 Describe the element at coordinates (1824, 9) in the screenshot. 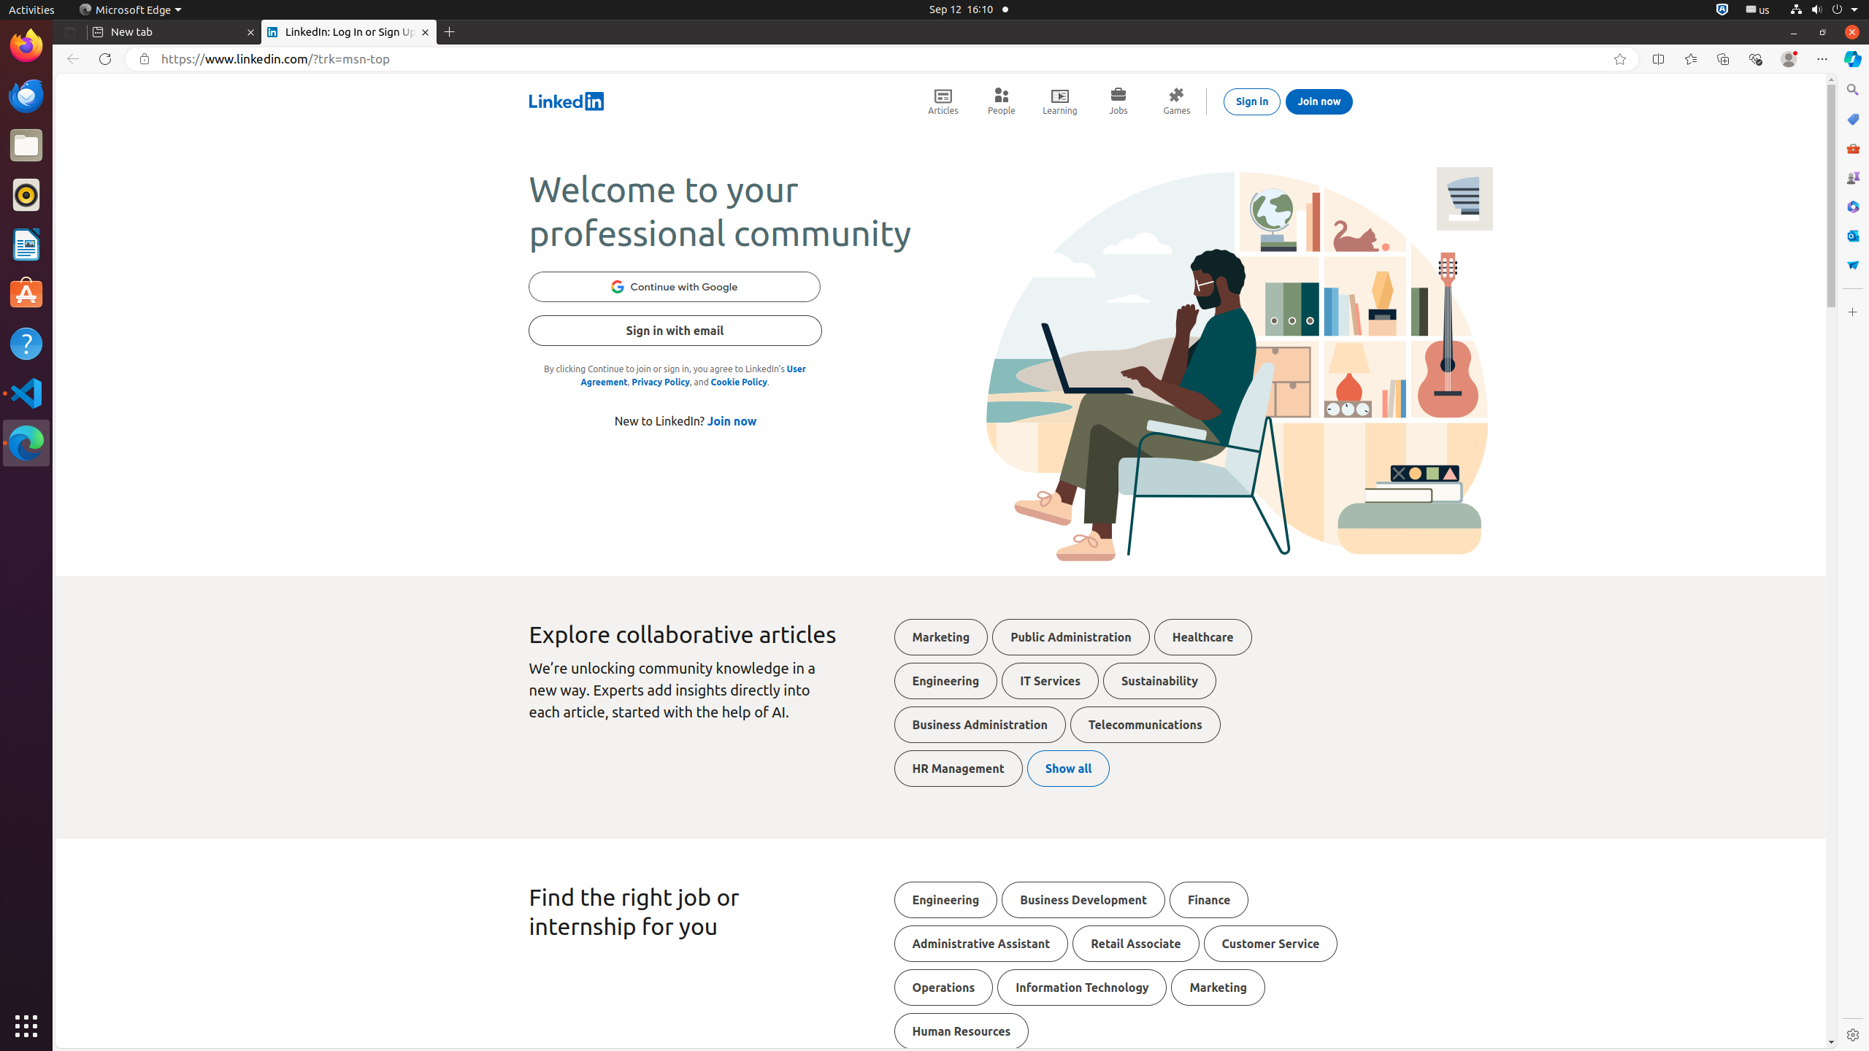

I see `'System'` at that location.